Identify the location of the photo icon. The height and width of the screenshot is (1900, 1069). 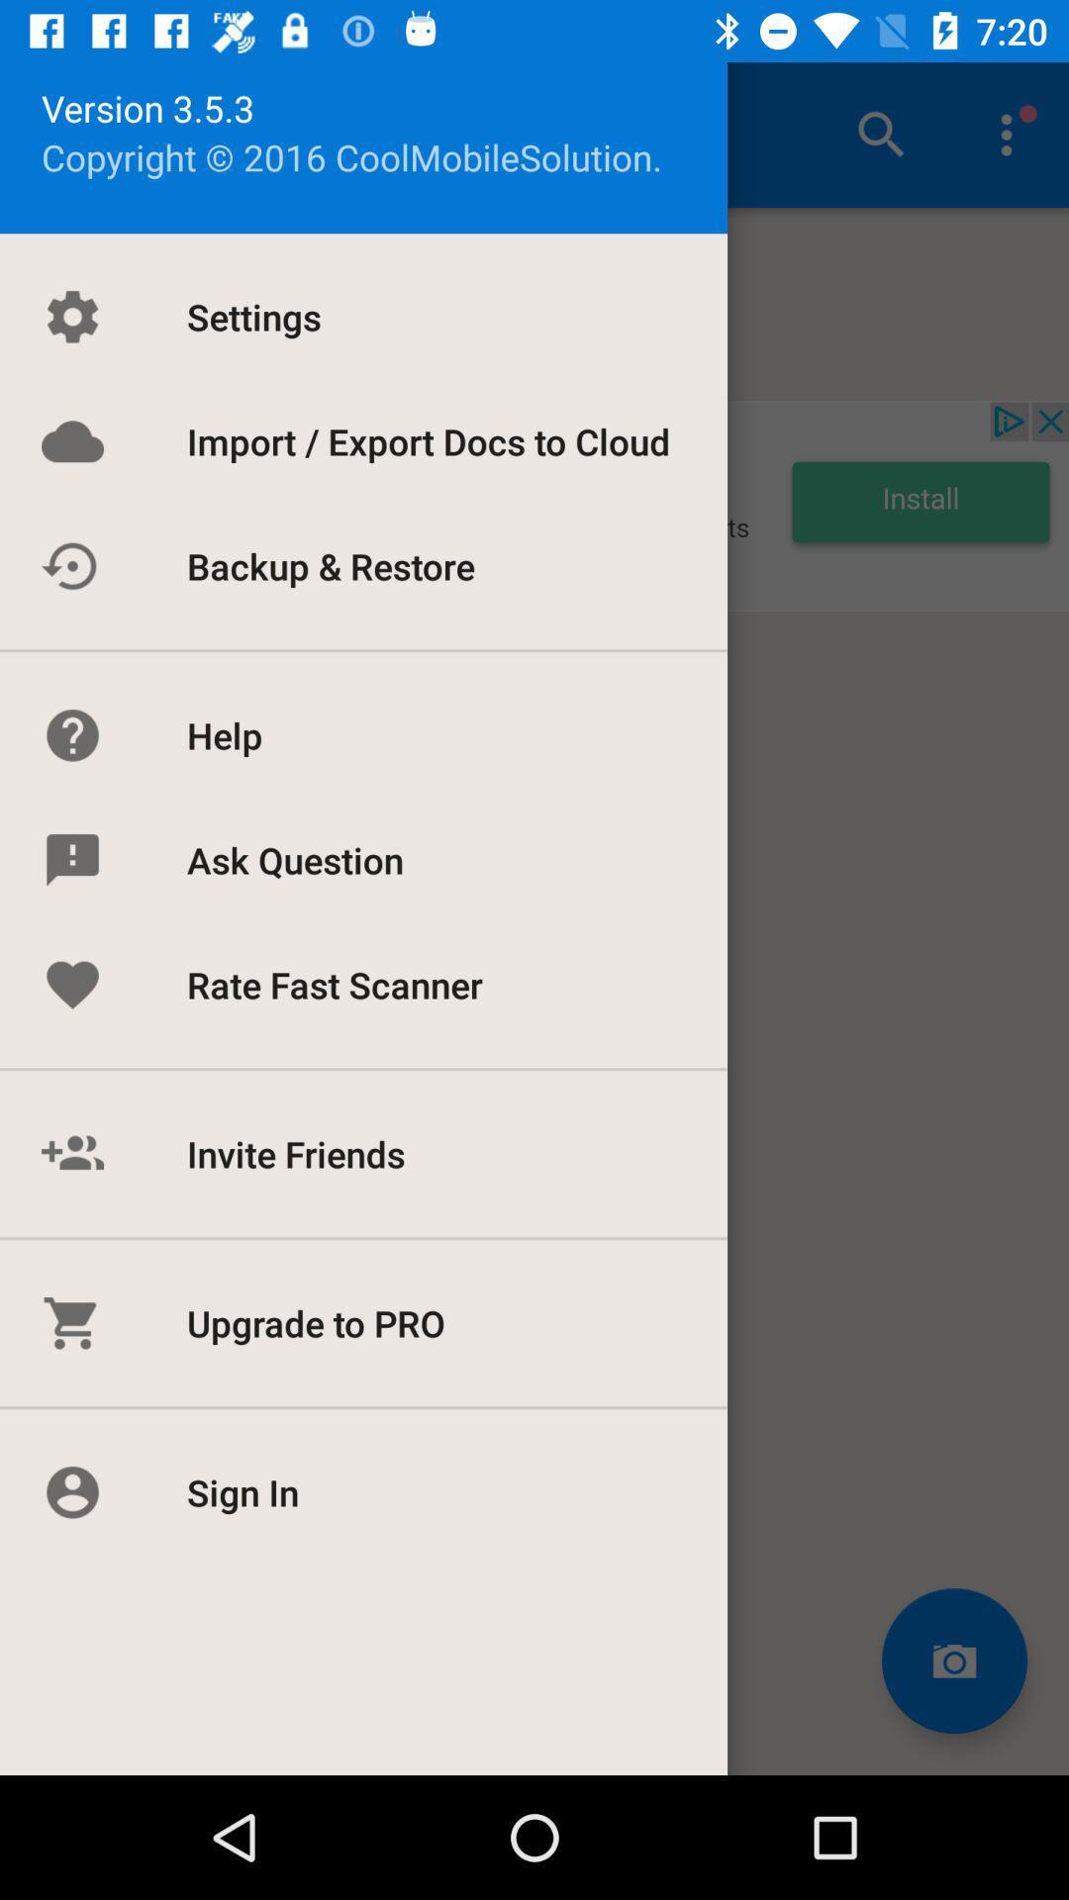
(953, 1661).